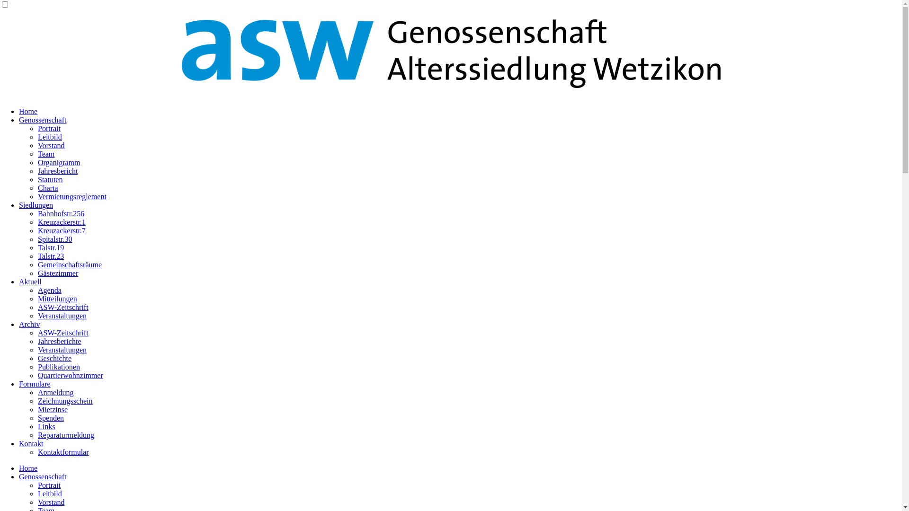  What do you see at coordinates (50, 247) in the screenshot?
I see `'Talstr.19'` at bounding box center [50, 247].